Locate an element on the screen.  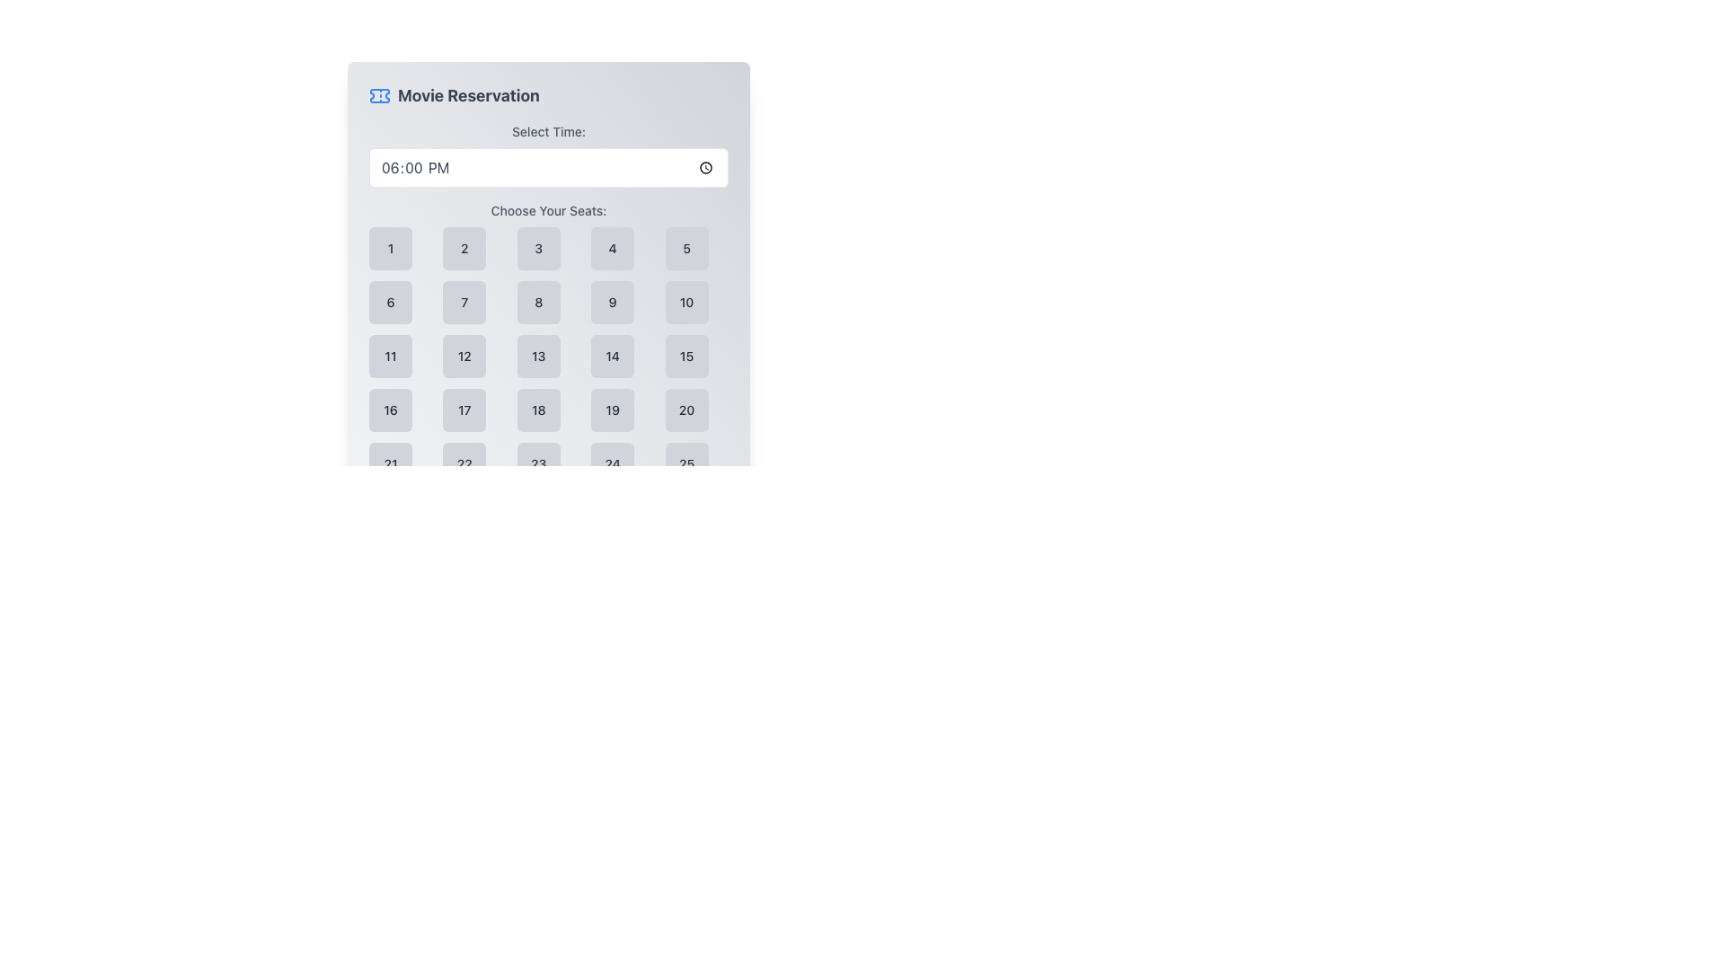
the square button with rounded corners containing the number '22' is located at coordinates (464, 463).